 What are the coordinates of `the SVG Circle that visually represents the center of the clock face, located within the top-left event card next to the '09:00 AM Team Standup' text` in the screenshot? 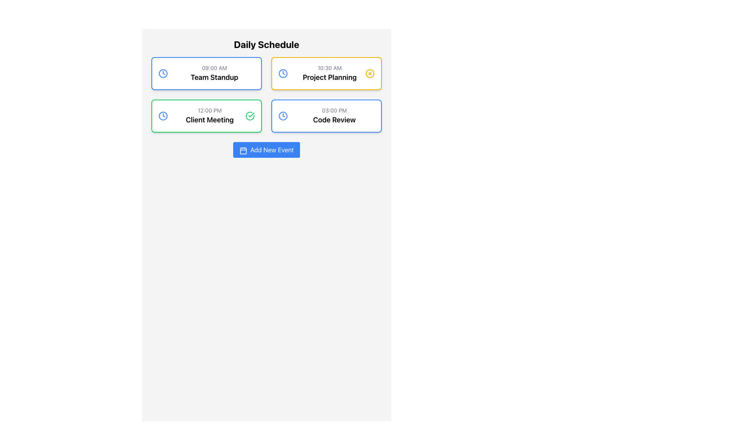 It's located at (162, 73).